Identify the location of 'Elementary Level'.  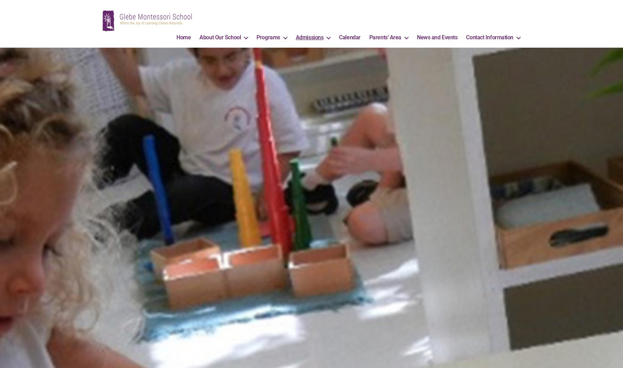
(206, 263).